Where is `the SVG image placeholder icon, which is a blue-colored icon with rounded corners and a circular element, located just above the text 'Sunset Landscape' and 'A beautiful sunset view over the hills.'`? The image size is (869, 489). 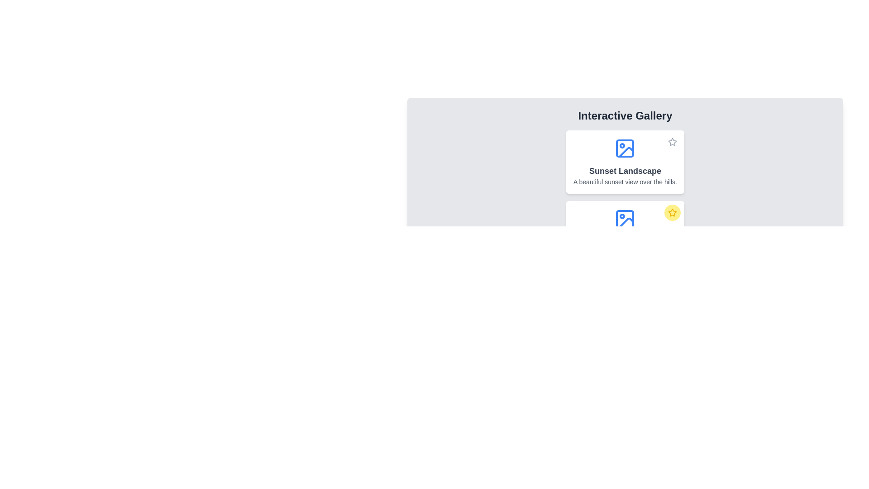 the SVG image placeholder icon, which is a blue-colored icon with rounded corners and a circular element, located just above the text 'Sunset Landscape' and 'A beautiful sunset view over the hills.' is located at coordinates (625, 148).